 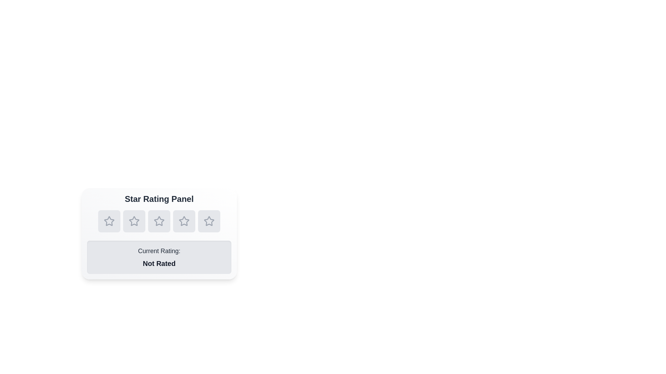 What do you see at coordinates (108, 221) in the screenshot?
I see `the first star icon` at bounding box center [108, 221].